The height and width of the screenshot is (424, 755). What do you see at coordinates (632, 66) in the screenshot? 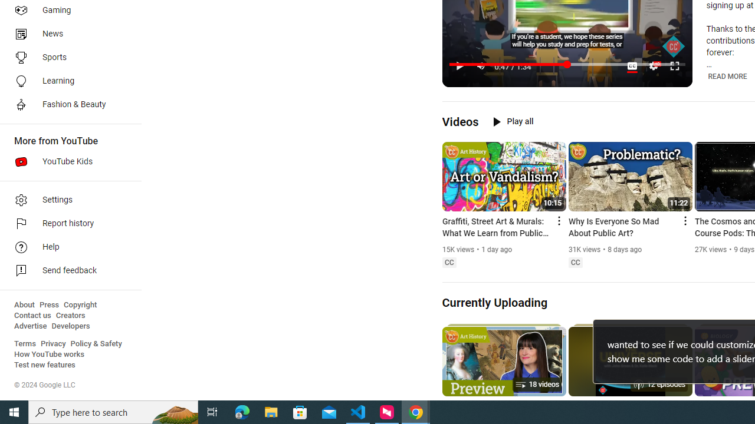
I see `'Subtitles/closed captions unavailable'` at bounding box center [632, 66].